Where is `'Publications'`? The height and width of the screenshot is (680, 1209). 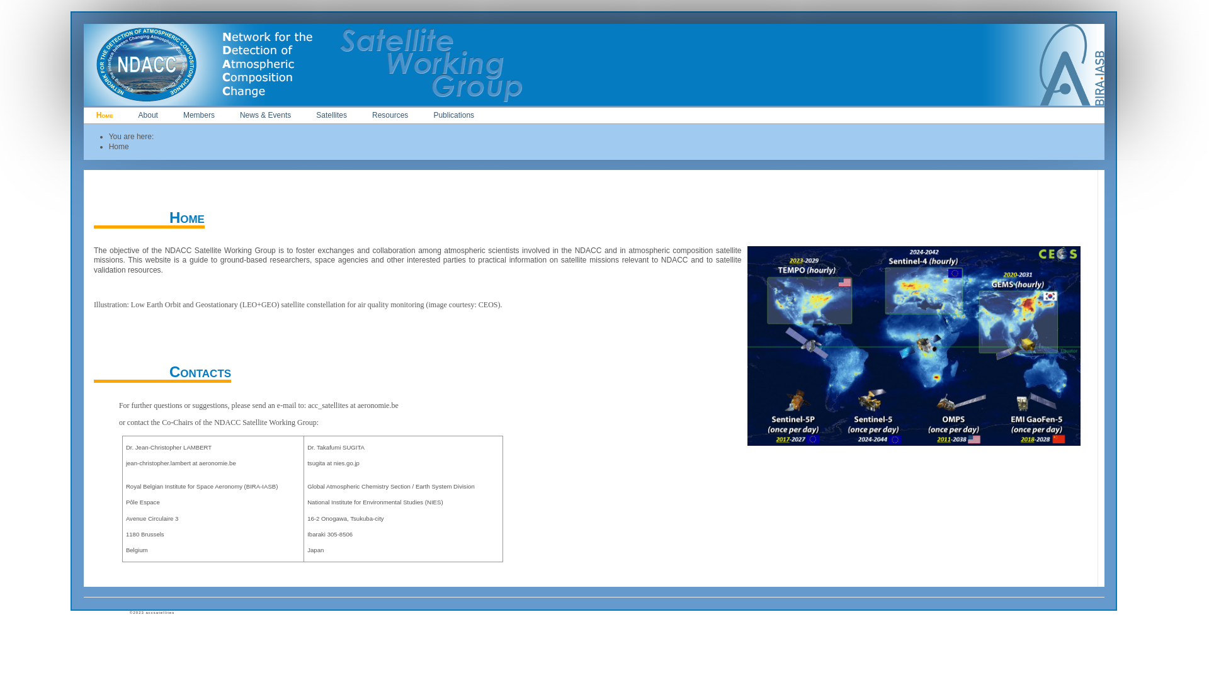
'Publications' is located at coordinates (453, 115).